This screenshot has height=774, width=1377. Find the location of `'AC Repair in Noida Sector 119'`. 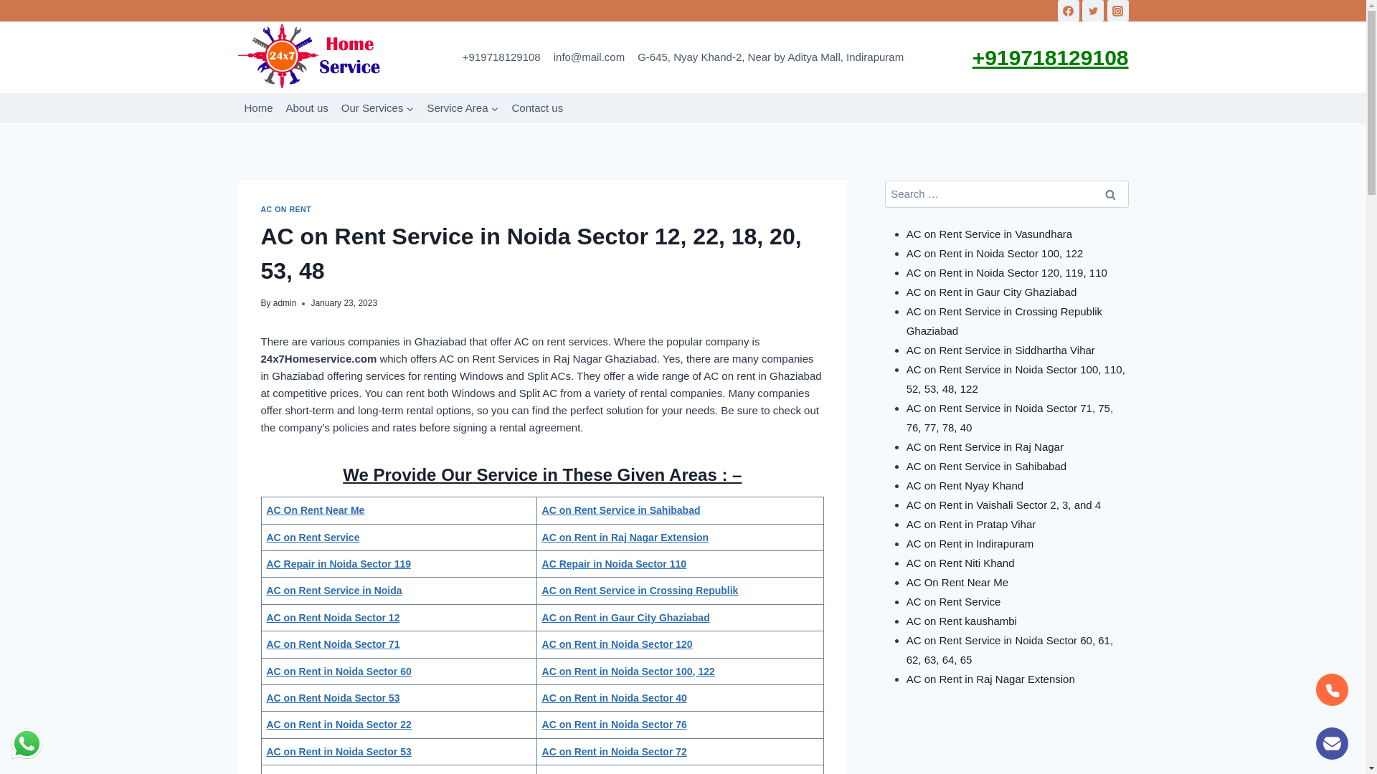

'AC Repair in Noida Sector 119' is located at coordinates (339, 563).